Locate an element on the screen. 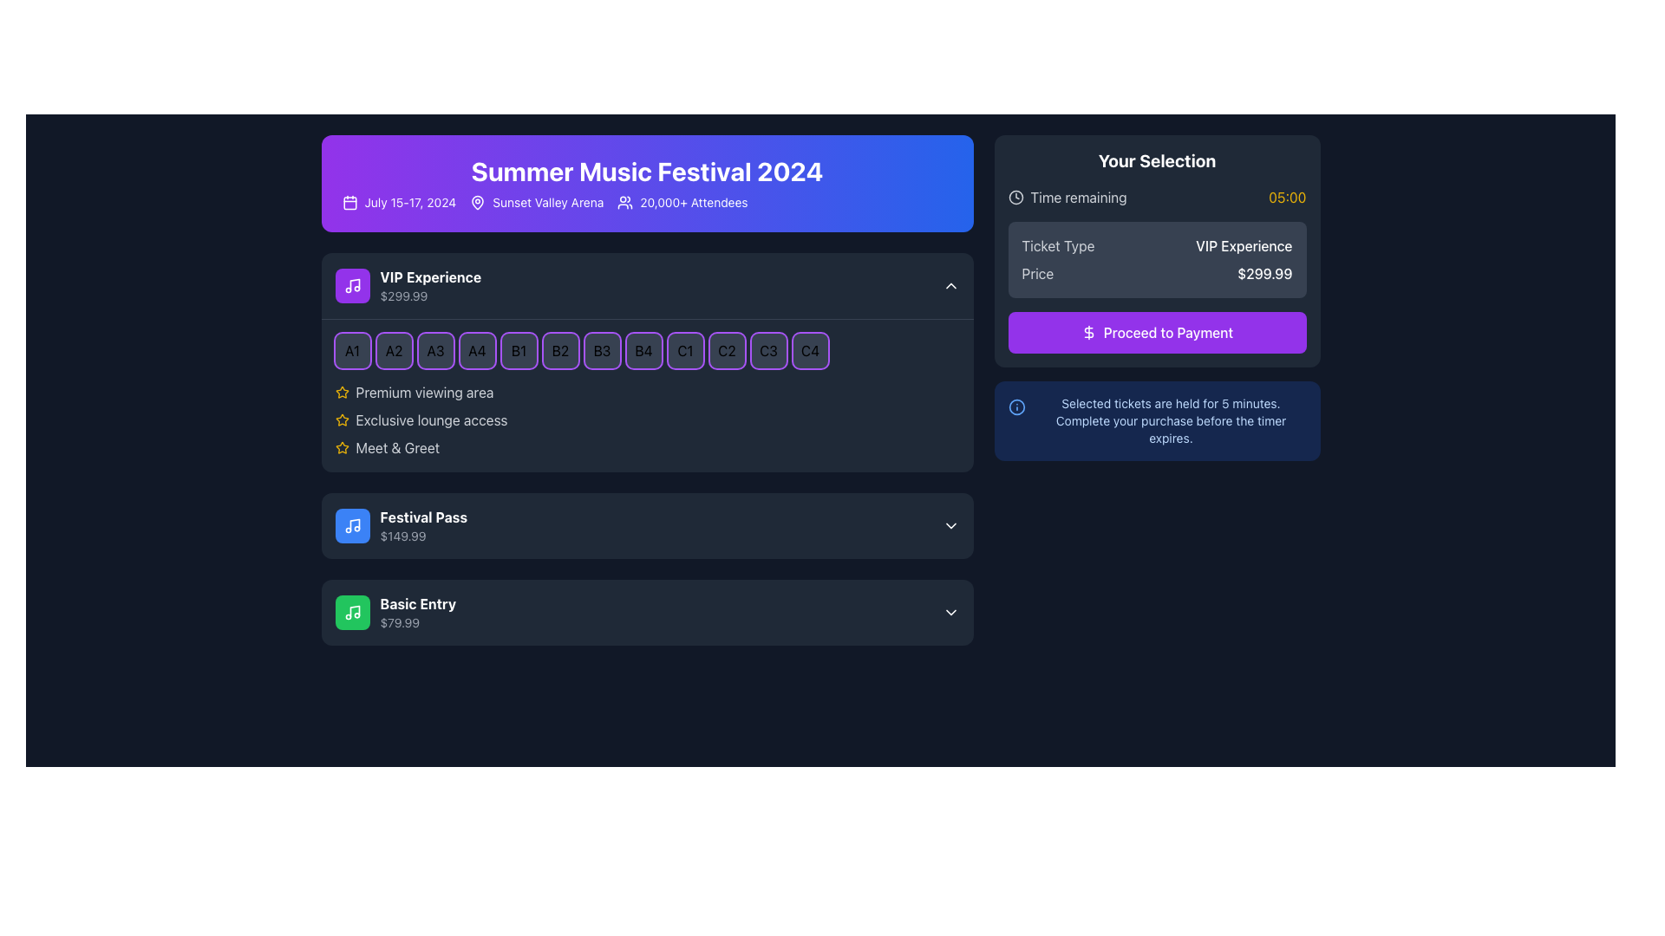 This screenshot has height=936, width=1665. the informational text label displaying the number of attendees for the event, located in the top banner of the interface, to the right of the user icon and other event details is located at coordinates (694, 202).